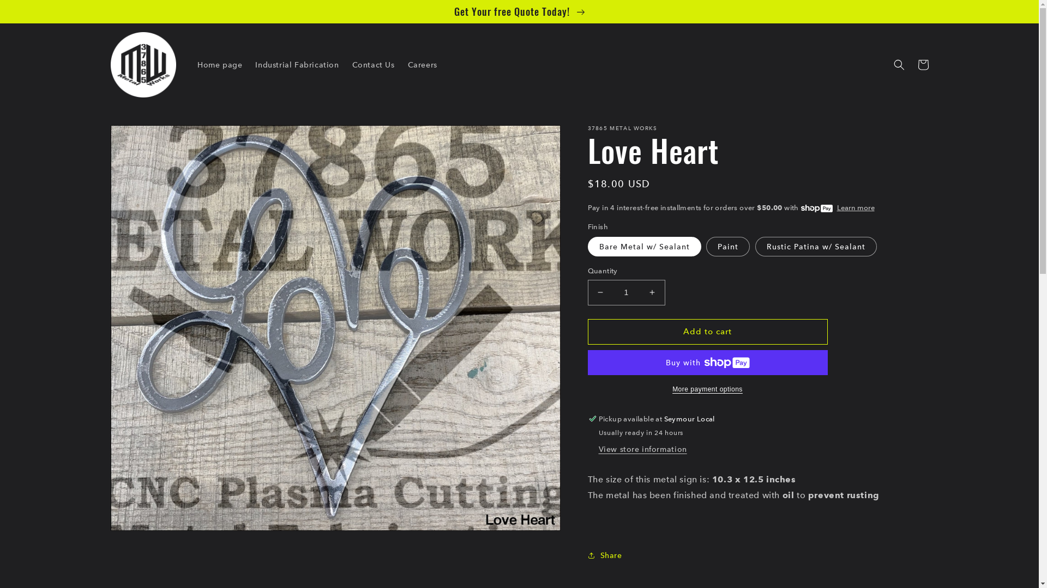 This screenshot has height=588, width=1047. Describe the element at coordinates (219, 65) in the screenshot. I see `'Home page'` at that location.